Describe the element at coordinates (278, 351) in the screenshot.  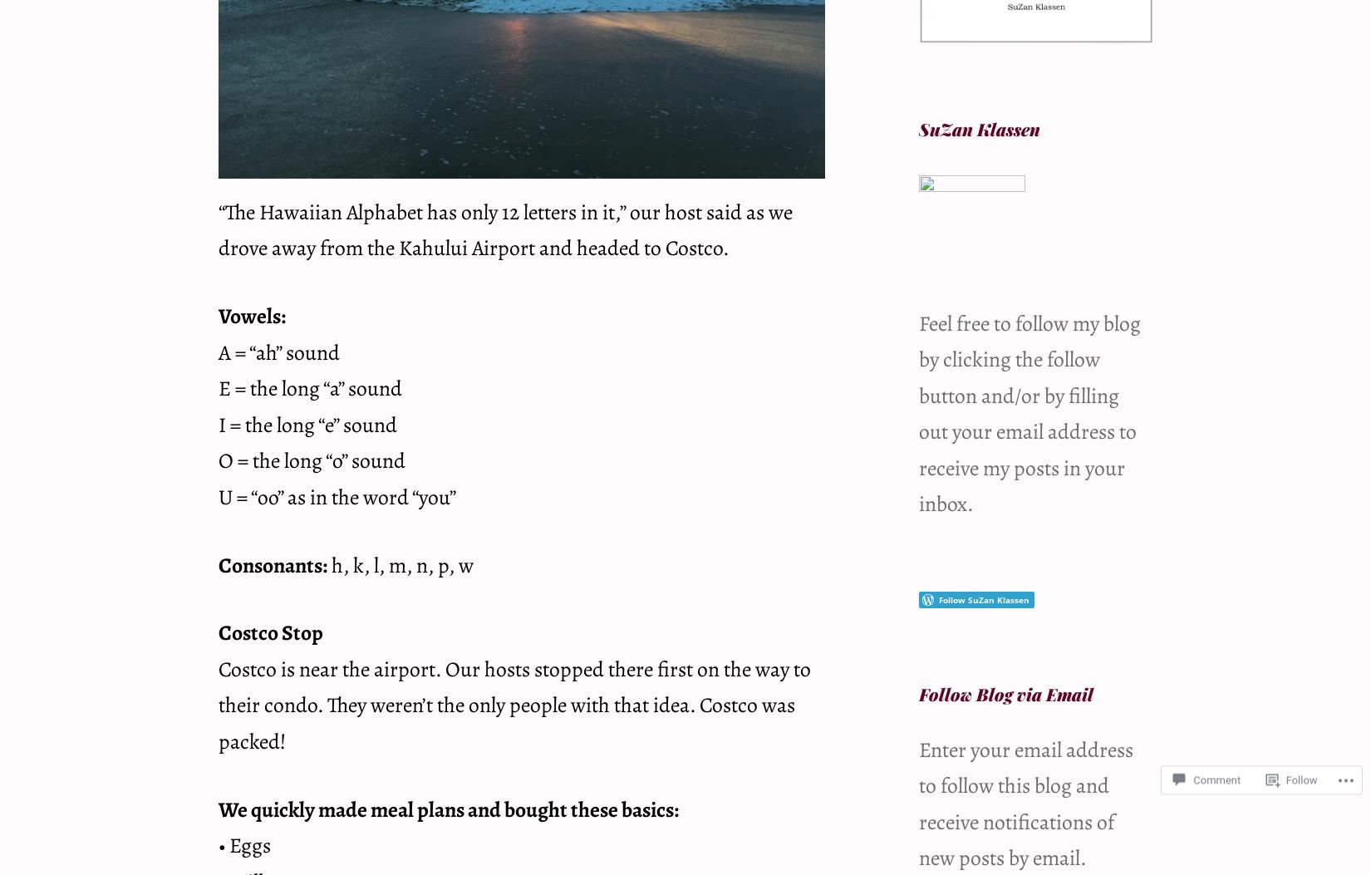
I see `'A = “ah” sound'` at that location.